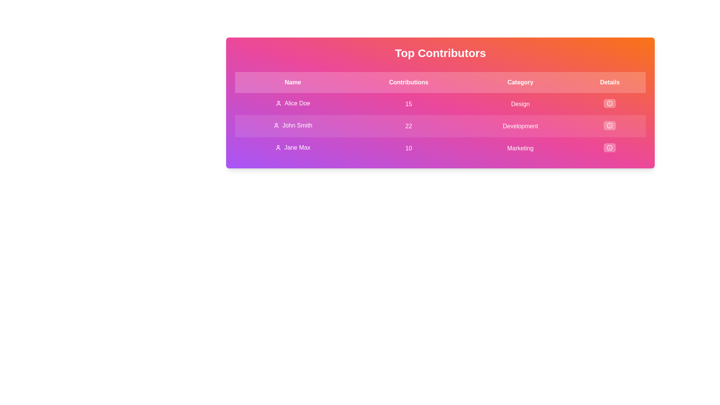 The image size is (720, 405). Describe the element at coordinates (610, 126) in the screenshot. I see `the button located on the far right in the row corresponding to 'John Smith' under the 'Details' column in the table, which serves as an information or details indicator` at that location.